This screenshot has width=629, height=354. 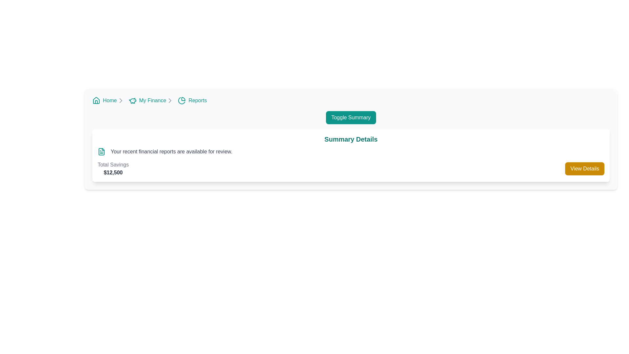 I want to click on the rectangular button with rounded corners, featuring a yellow background and the text 'View Details' in white, located in the bottom right section of the card widget, to observe style changes, so click(x=585, y=168).